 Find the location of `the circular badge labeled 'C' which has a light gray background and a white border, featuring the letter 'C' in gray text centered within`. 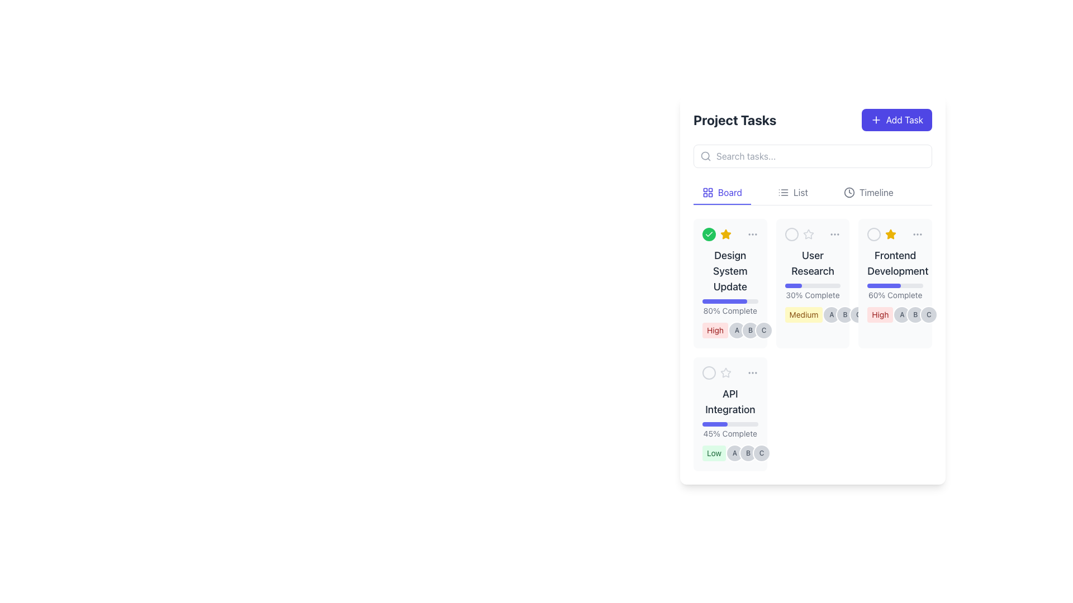

the circular badge labeled 'C' which has a light gray background and a white border, featuring the letter 'C' in gray text centered within is located at coordinates (763, 329).